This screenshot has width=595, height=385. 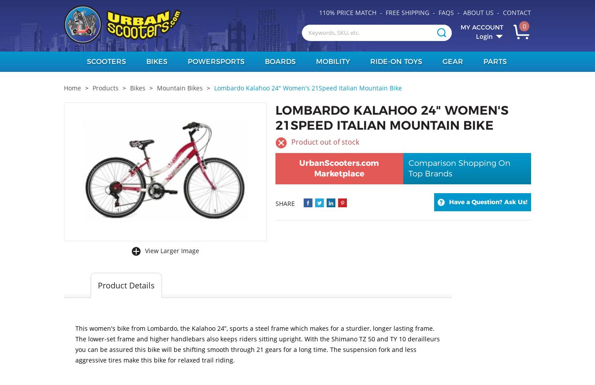 I want to click on 'Mobility', so click(x=315, y=61).